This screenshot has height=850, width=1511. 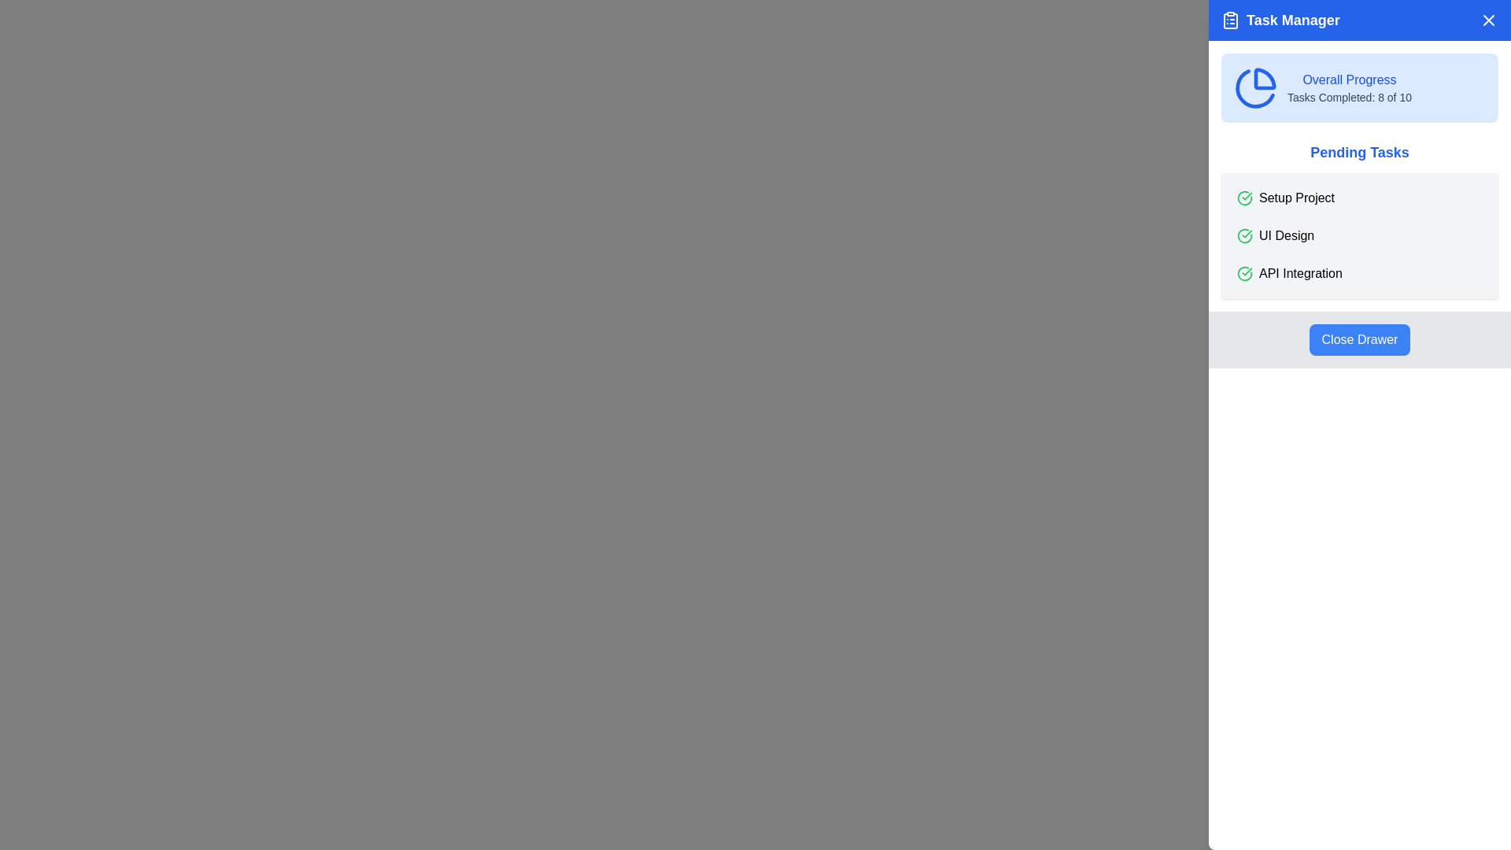 What do you see at coordinates (1359, 272) in the screenshot?
I see `the third list item in the 'Pending Tasks' panel that indicates the 'API Integration' task and shows a checkmark for its completion status` at bounding box center [1359, 272].